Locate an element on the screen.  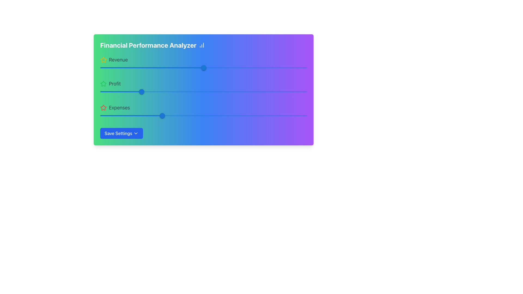
the slider value is located at coordinates (203, 68).